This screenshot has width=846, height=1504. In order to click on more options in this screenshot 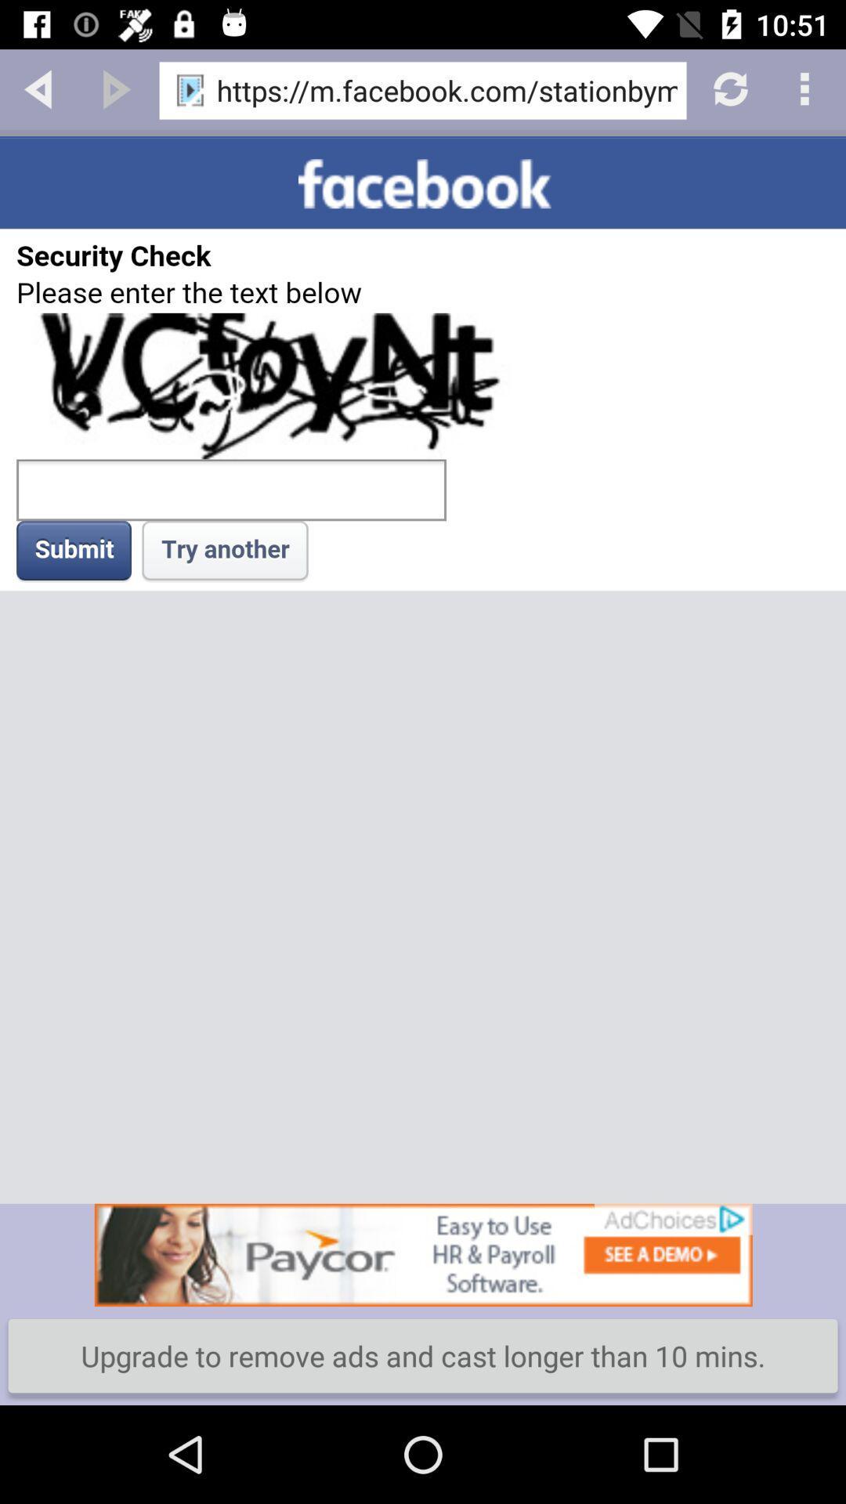, I will do `click(807, 87)`.